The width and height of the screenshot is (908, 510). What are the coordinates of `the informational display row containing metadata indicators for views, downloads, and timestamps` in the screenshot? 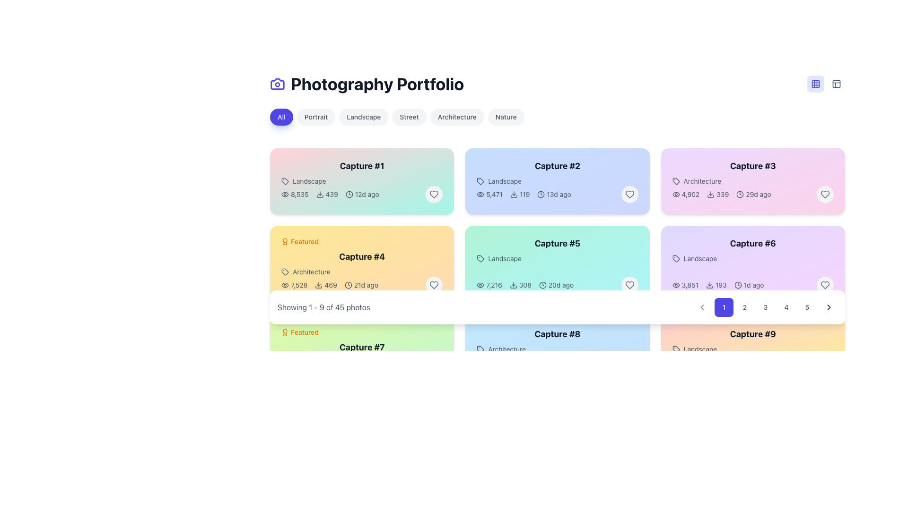 It's located at (752, 285).